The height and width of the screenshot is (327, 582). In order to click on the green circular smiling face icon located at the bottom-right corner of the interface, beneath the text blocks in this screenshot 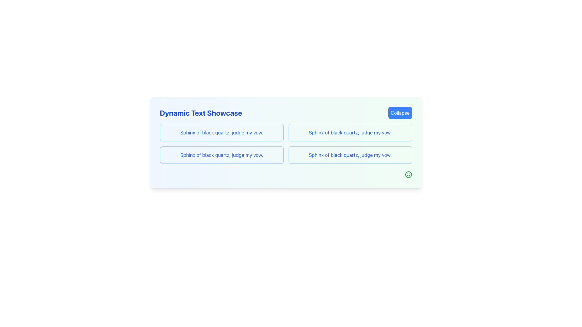, I will do `click(408, 175)`.